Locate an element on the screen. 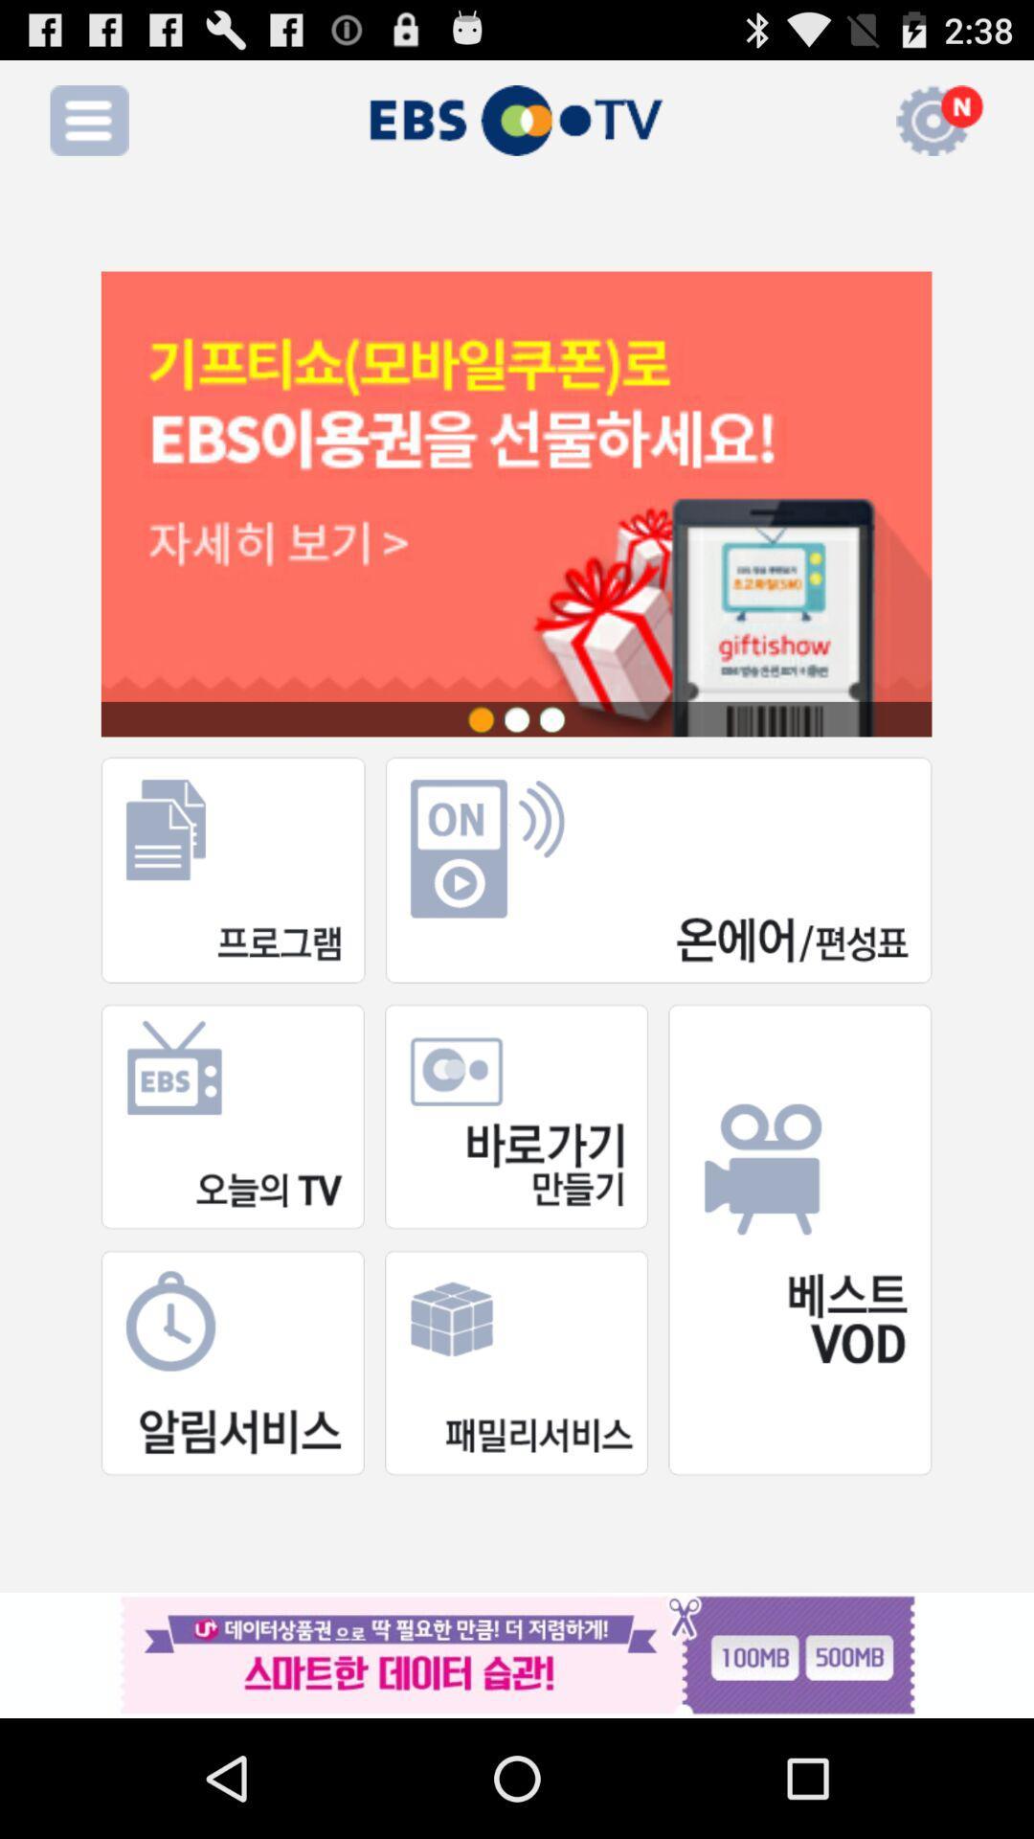 The image size is (1034, 1839). the icon which is right to tv is located at coordinates (822, 119).